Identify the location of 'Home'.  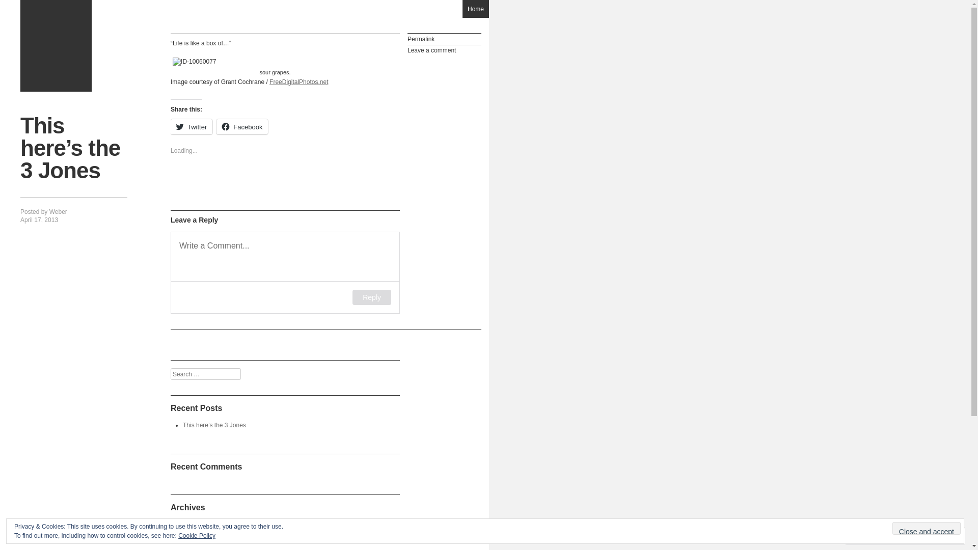
(475, 9).